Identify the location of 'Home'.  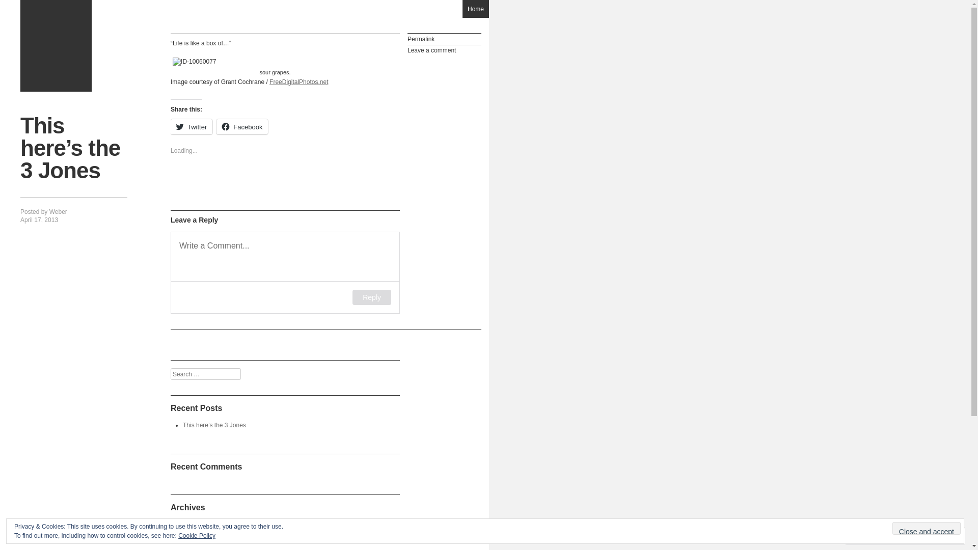
(475, 9).